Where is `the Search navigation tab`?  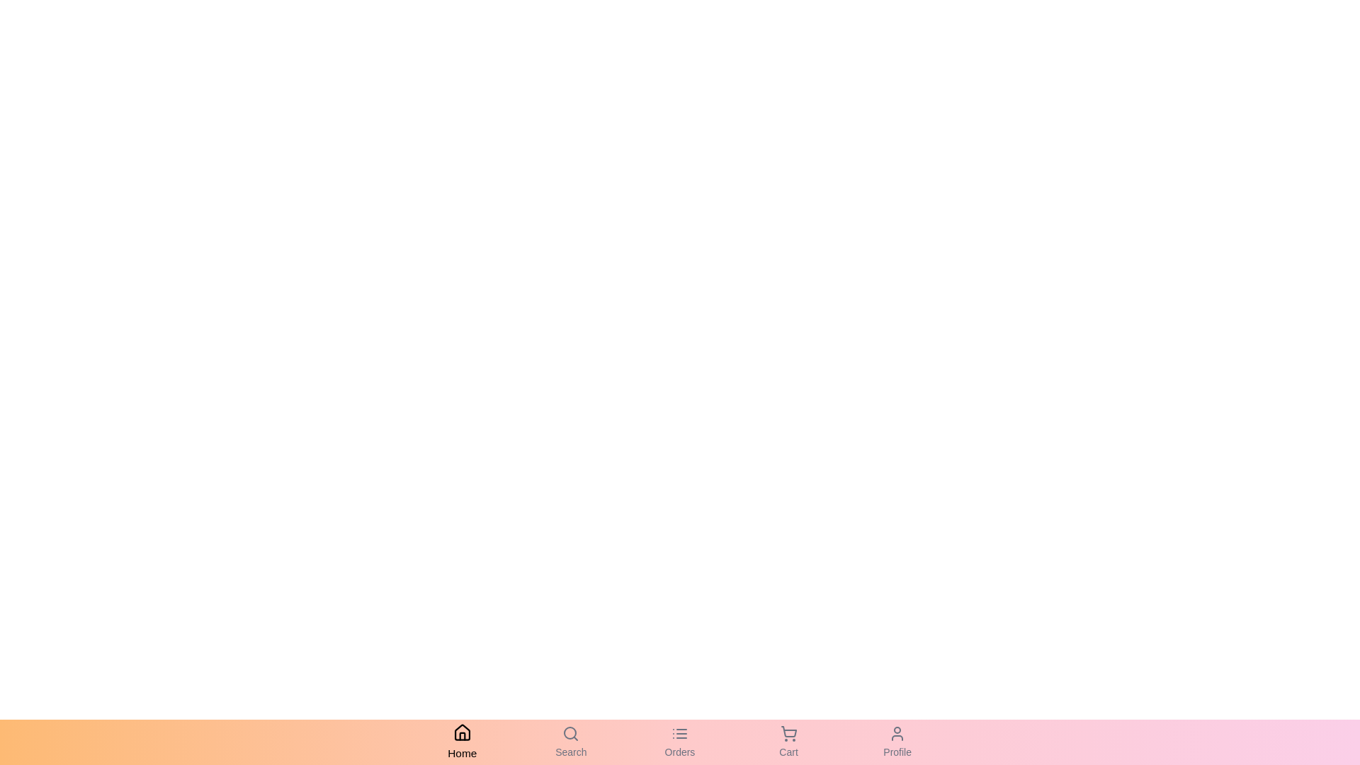
the Search navigation tab is located at coordinates (571, 742).